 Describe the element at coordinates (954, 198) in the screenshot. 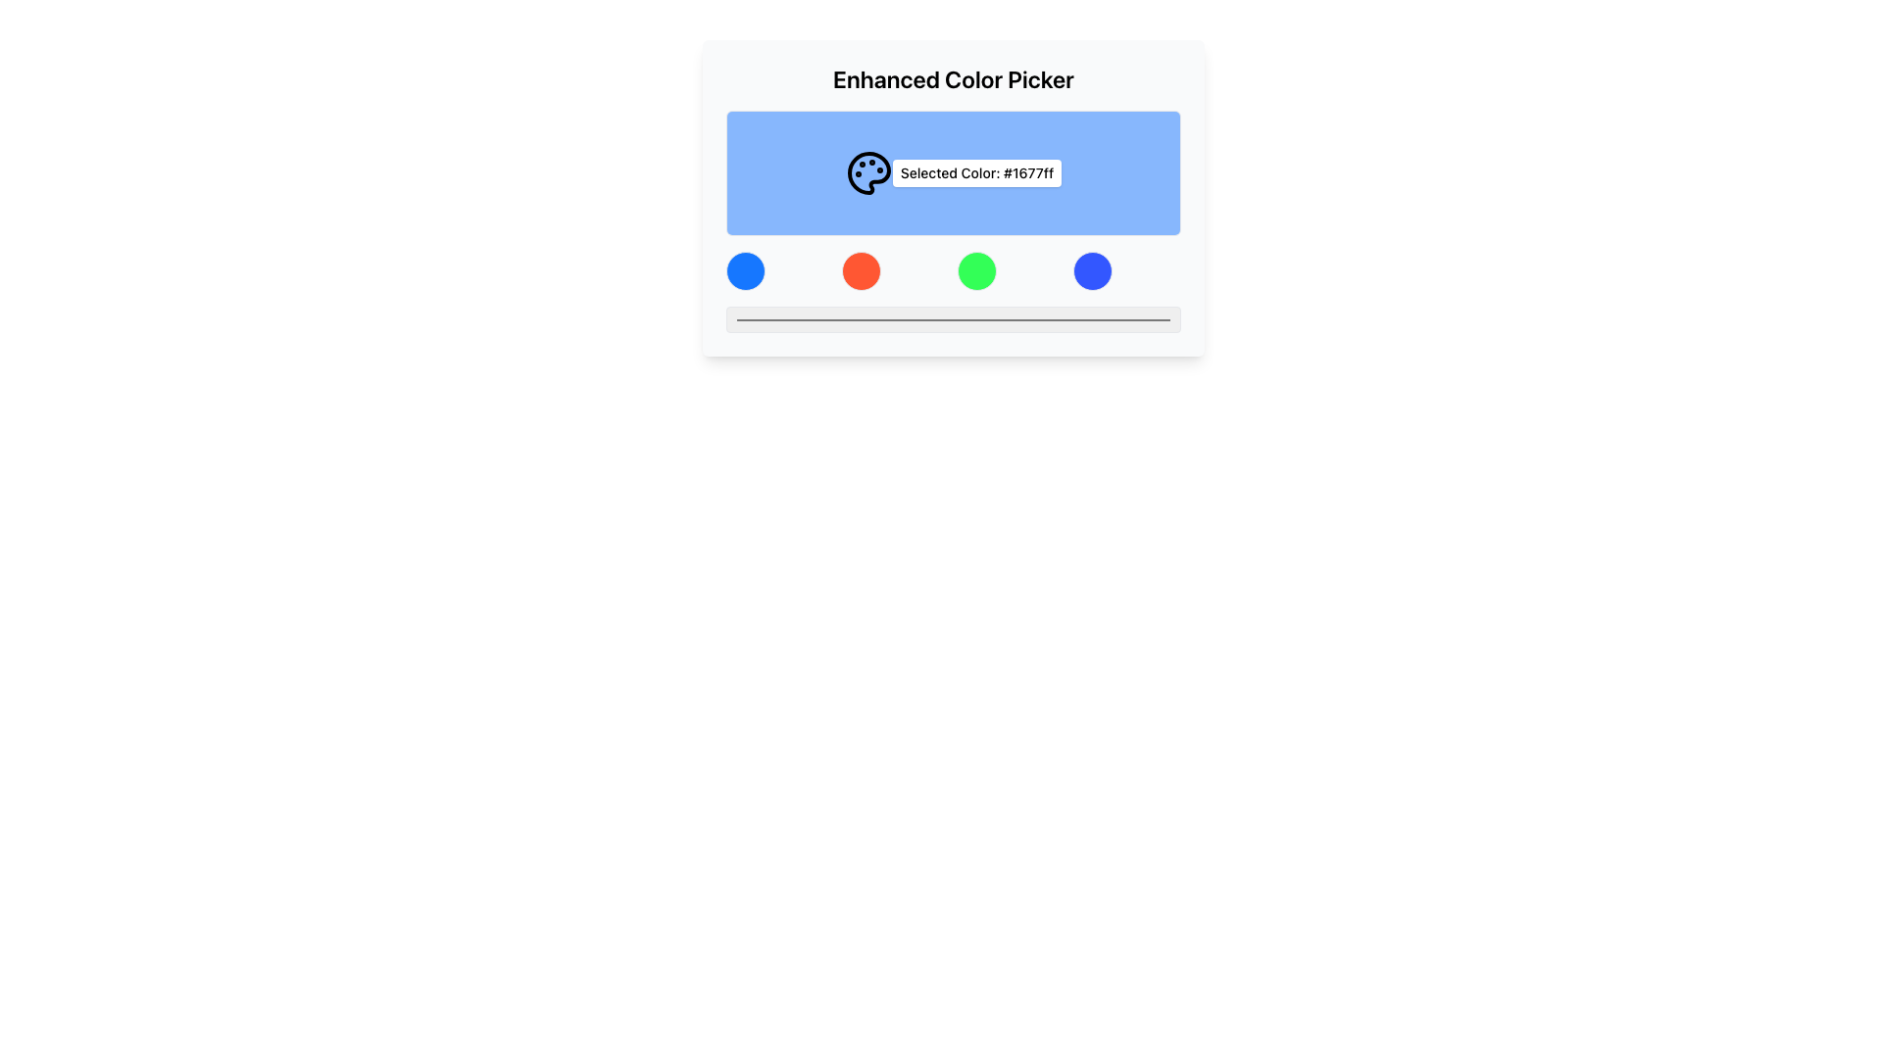

I see `the Display Area that shows the currently selected color in the Enhanced Color Picker feature card` at that location.